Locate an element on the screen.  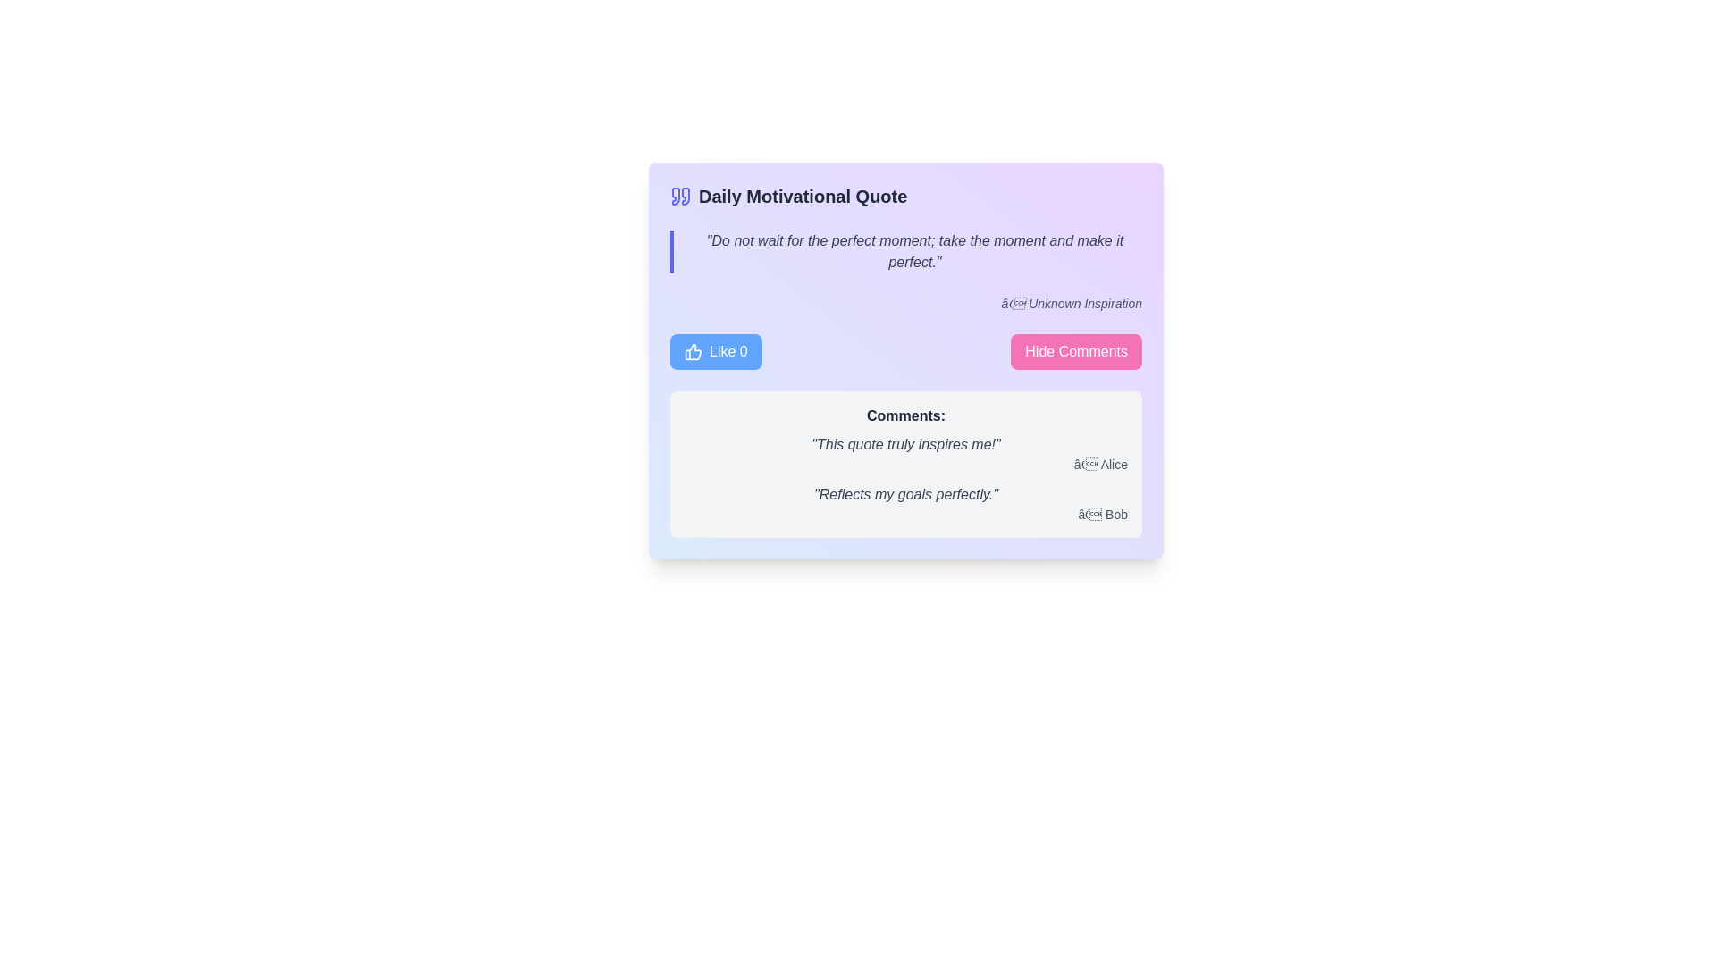
the first entry of the Display text with quote and attribution under the 'Comments:' section, which contains the quote 'This quote truly inspires me!' and is attributed to '— Alice' is located at coordinates (905, 453).